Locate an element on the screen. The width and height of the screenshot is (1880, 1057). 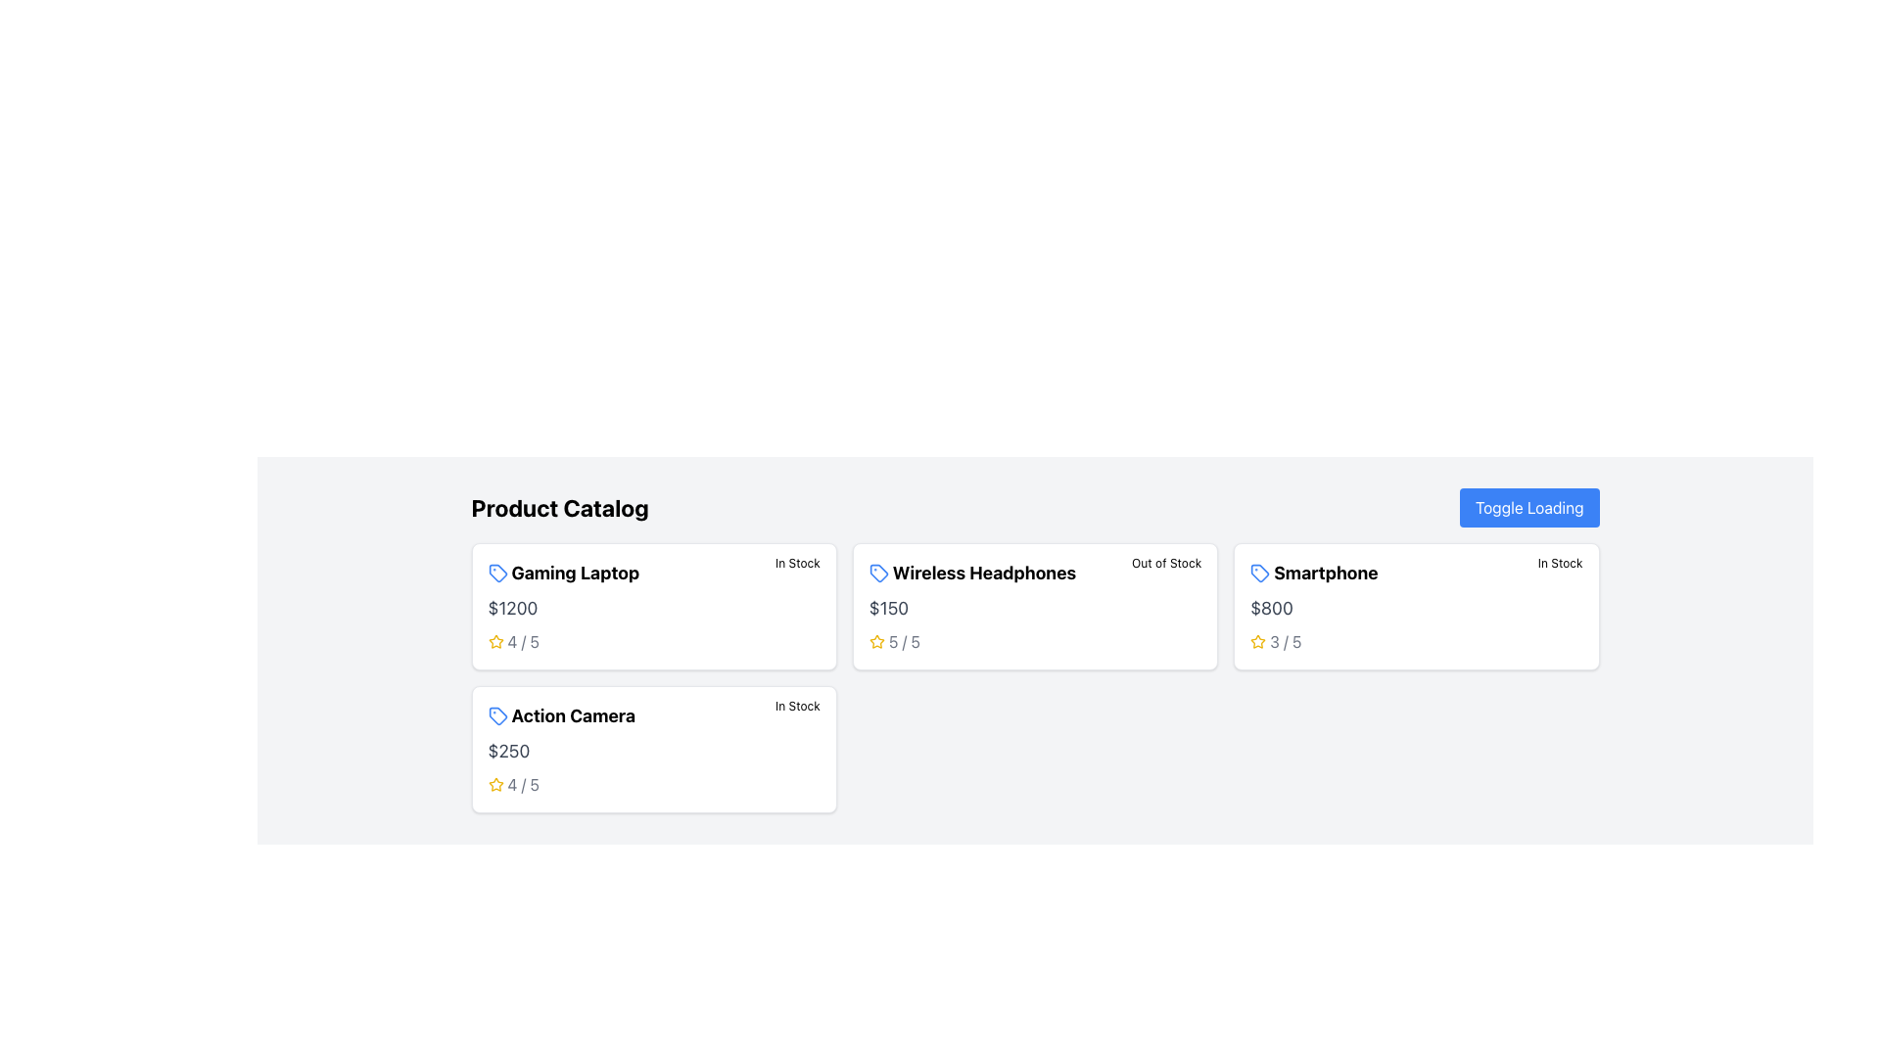
the 'In Stock' label indicating the availability status of the 'Smartphone' product, located at the top right corner of the product card is located at coordinates (1559, 563).